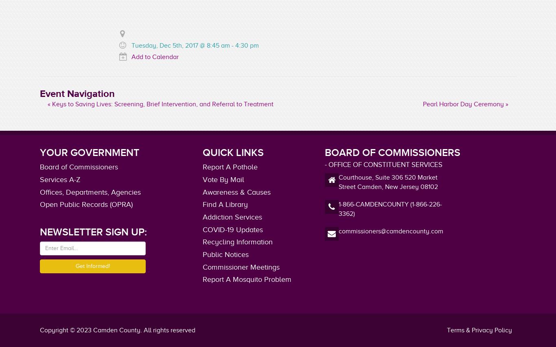 Image resolution: width=556 pixels, height=347 pixels. What do you see at coordinates (39, 93) in the screenshot?
I see `'Event Navigation'` at bounding box center [39, 93].